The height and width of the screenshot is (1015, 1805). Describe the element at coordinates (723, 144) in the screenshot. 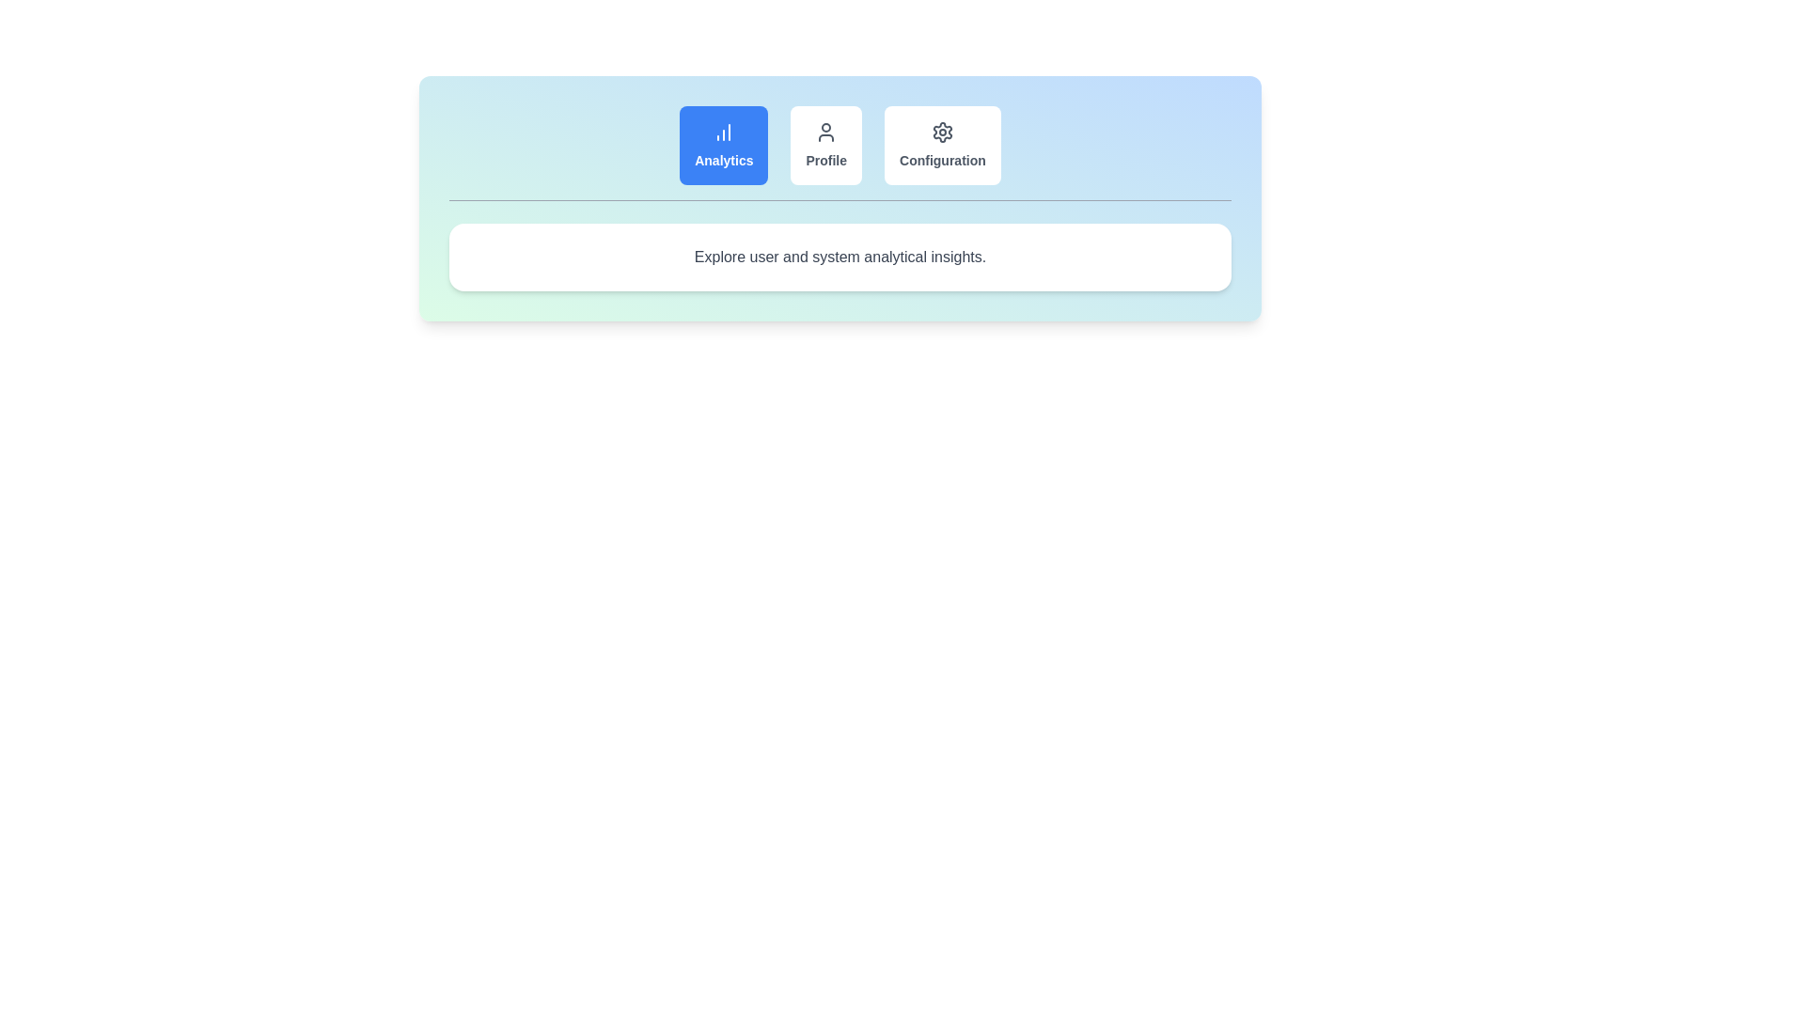

I see `the currently active 'Analytics' tab` at that location.